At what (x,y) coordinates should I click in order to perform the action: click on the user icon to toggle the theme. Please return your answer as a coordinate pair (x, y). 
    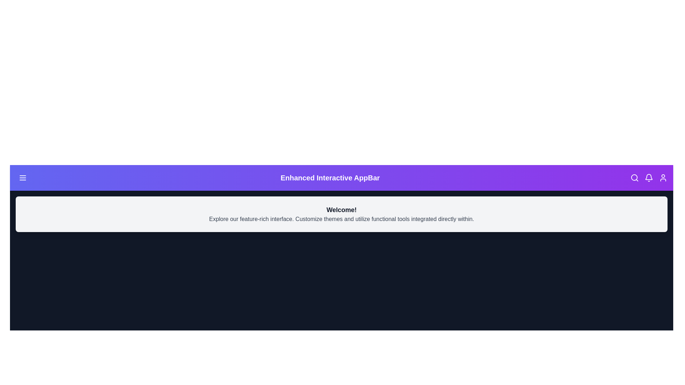
    Looking at the image, I should click on (663, 177).